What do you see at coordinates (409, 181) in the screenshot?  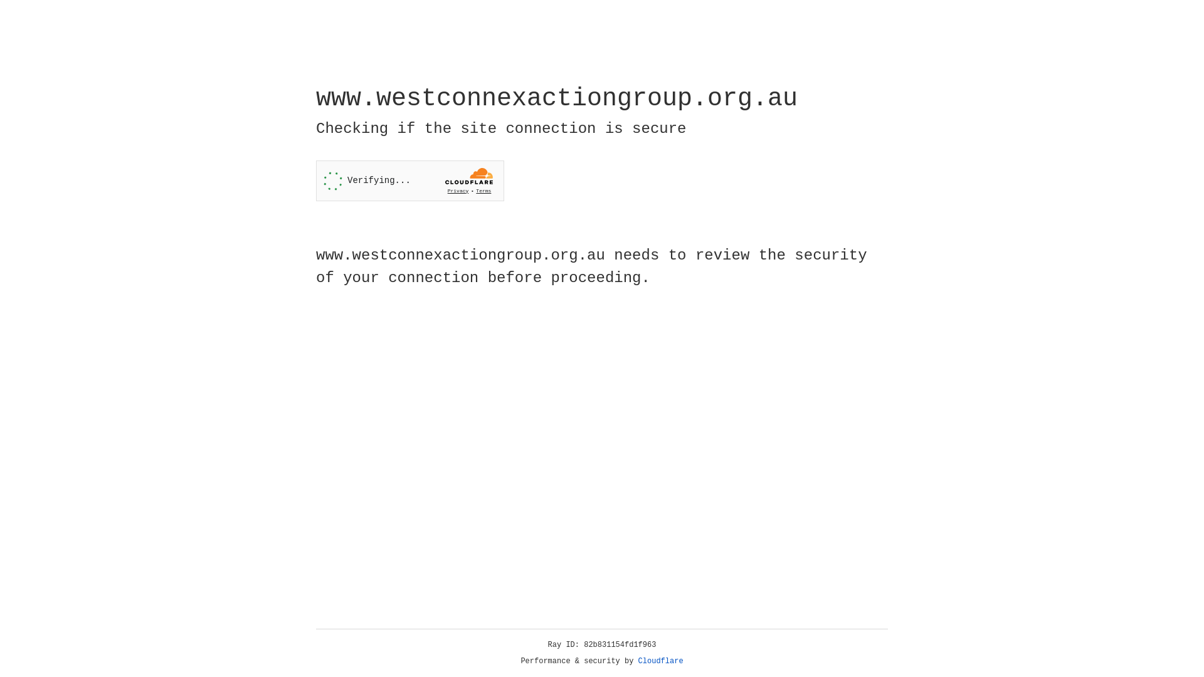 I see `'Widget containing a Cloudflare security challenge'` at bounding box center [409, 181].